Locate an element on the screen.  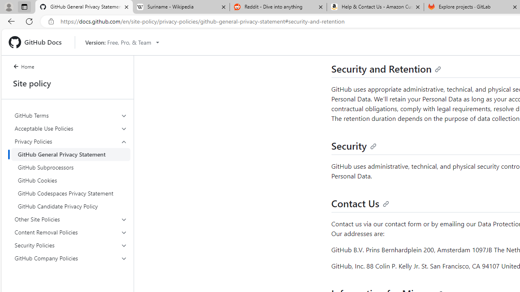
'GitHub Company Policies' is located at coordinates (71, 258).